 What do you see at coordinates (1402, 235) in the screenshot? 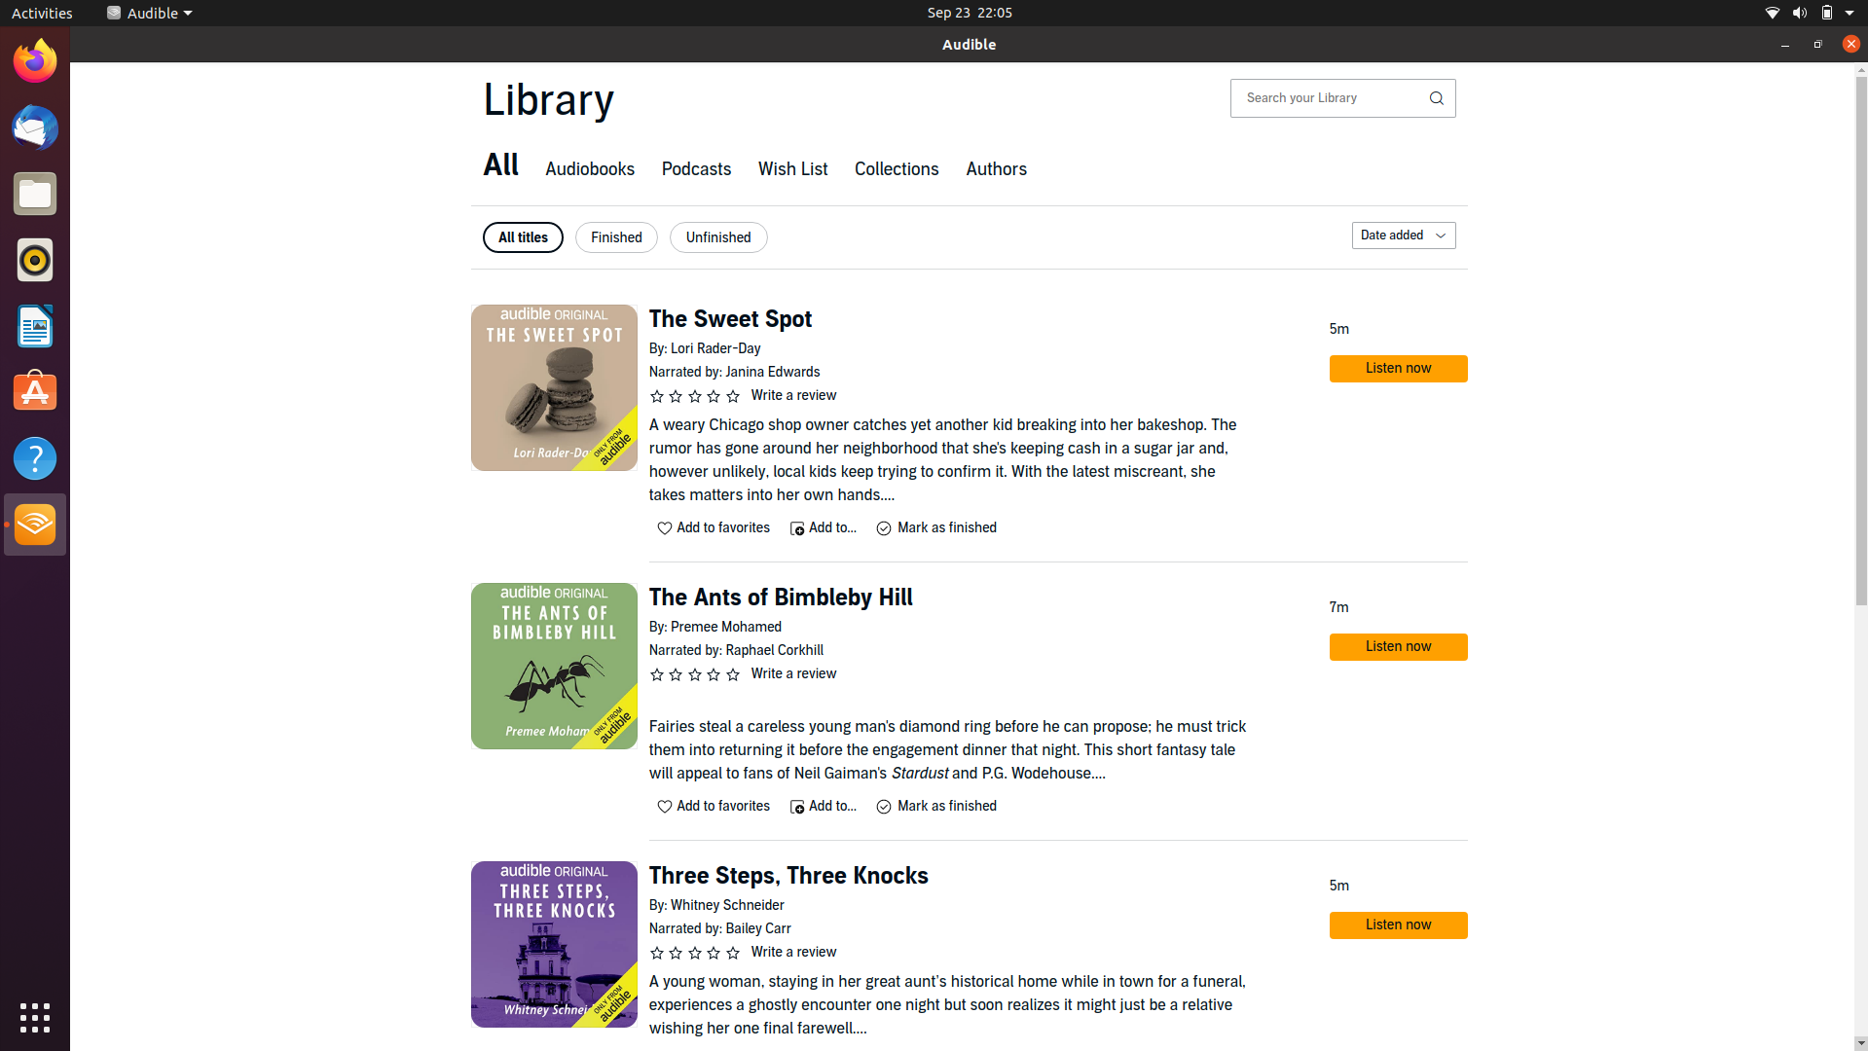
I see `Sort contents in the library in accordance to their date of inclusion` at bounding box center [1402, 235].